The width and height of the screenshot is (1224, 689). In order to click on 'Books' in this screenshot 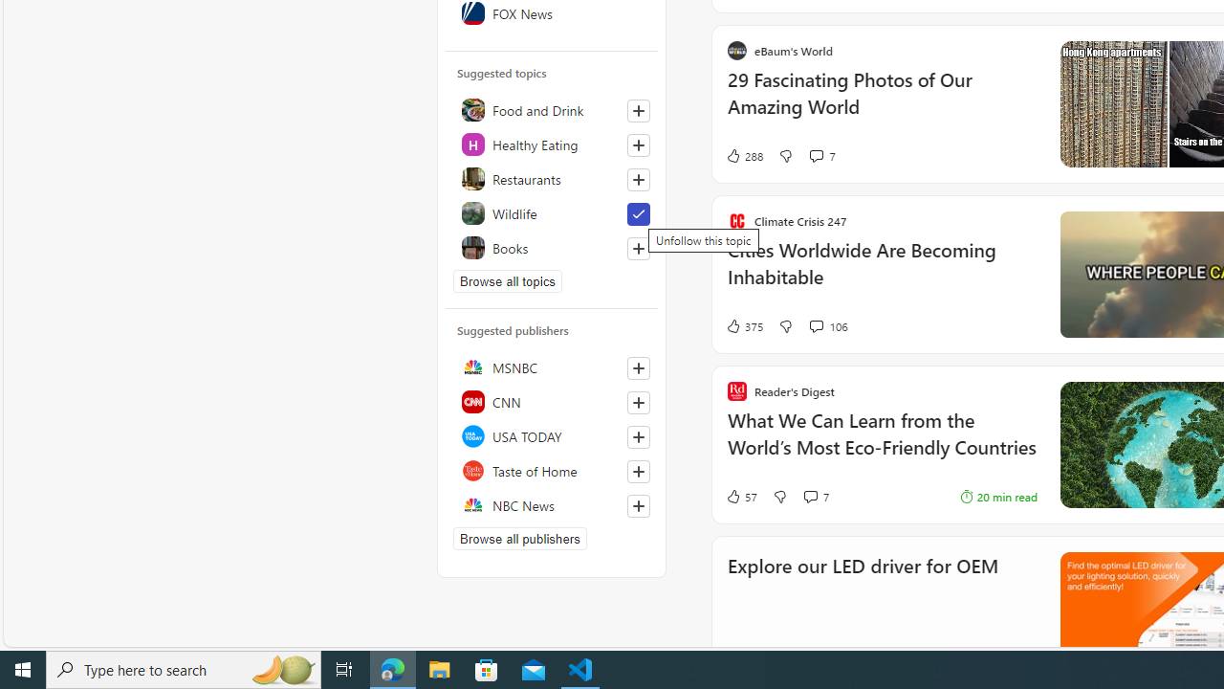, I will do `click(551, 246)`.